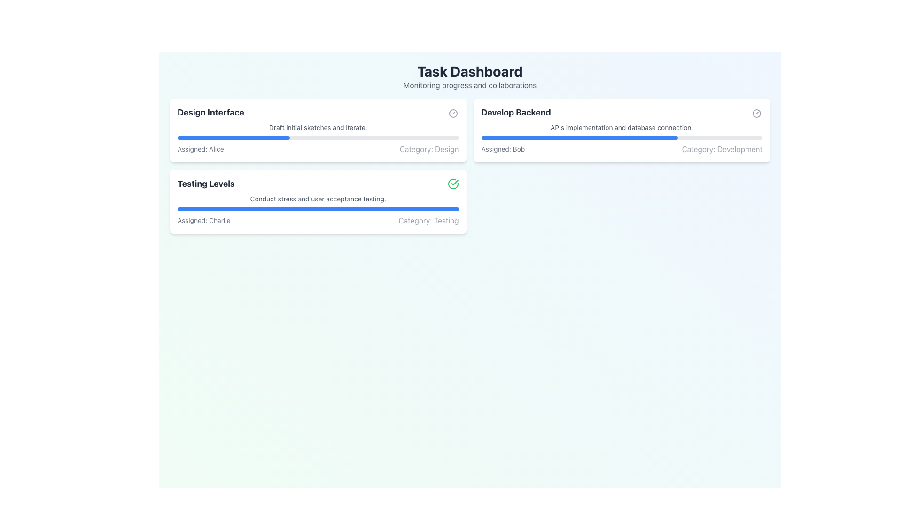  Describe the element at coordinates (757, 112) in the screenshot. I see `the timer icon located in the top-right corner of the 'Develop Backend' task card as a visual indicator` at that location.